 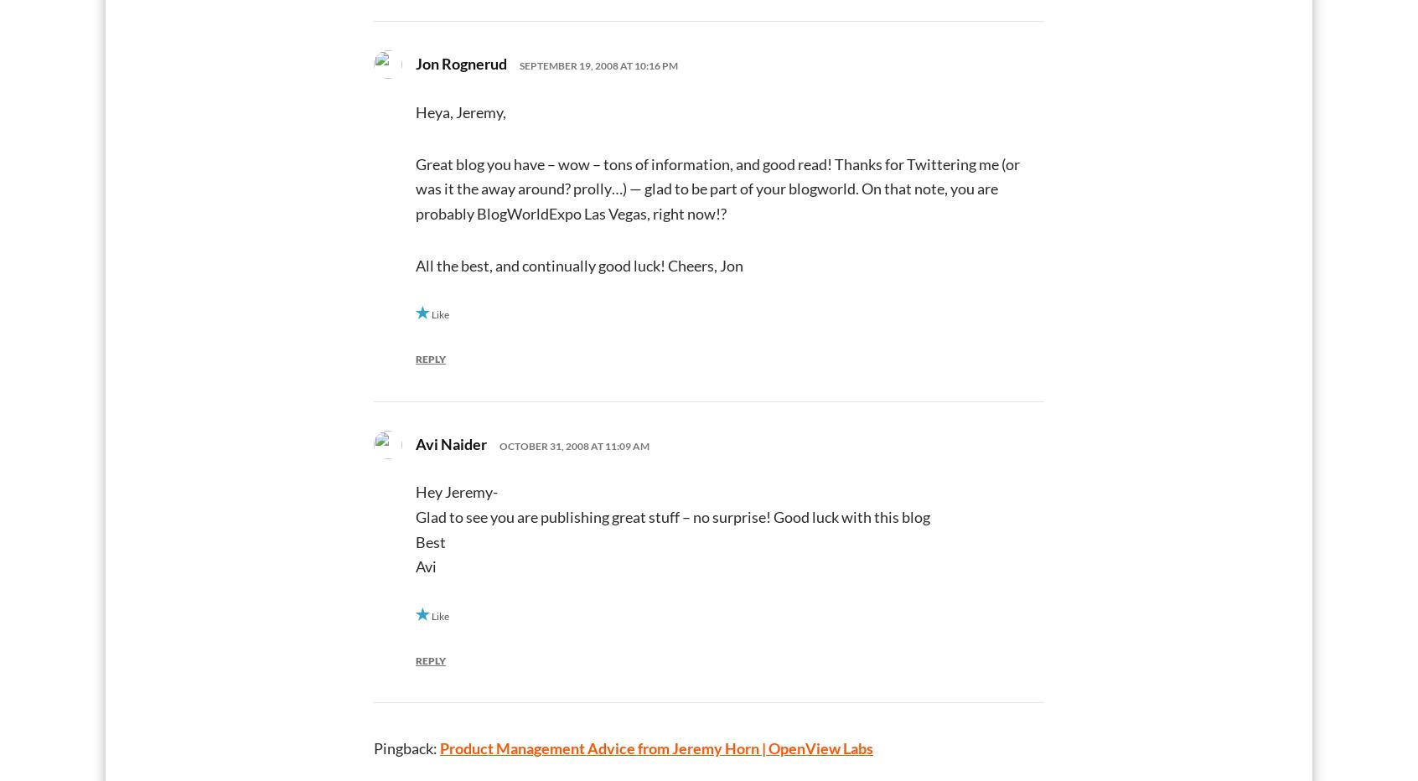 I want to click on 'Best', so click(x=431, y=540).